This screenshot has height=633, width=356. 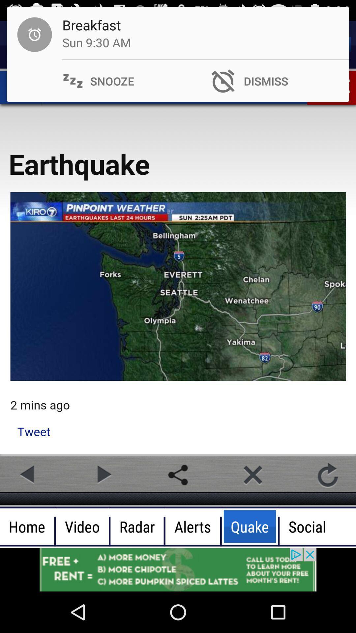 I want to click on the share icon, so click(x=178, y=475).